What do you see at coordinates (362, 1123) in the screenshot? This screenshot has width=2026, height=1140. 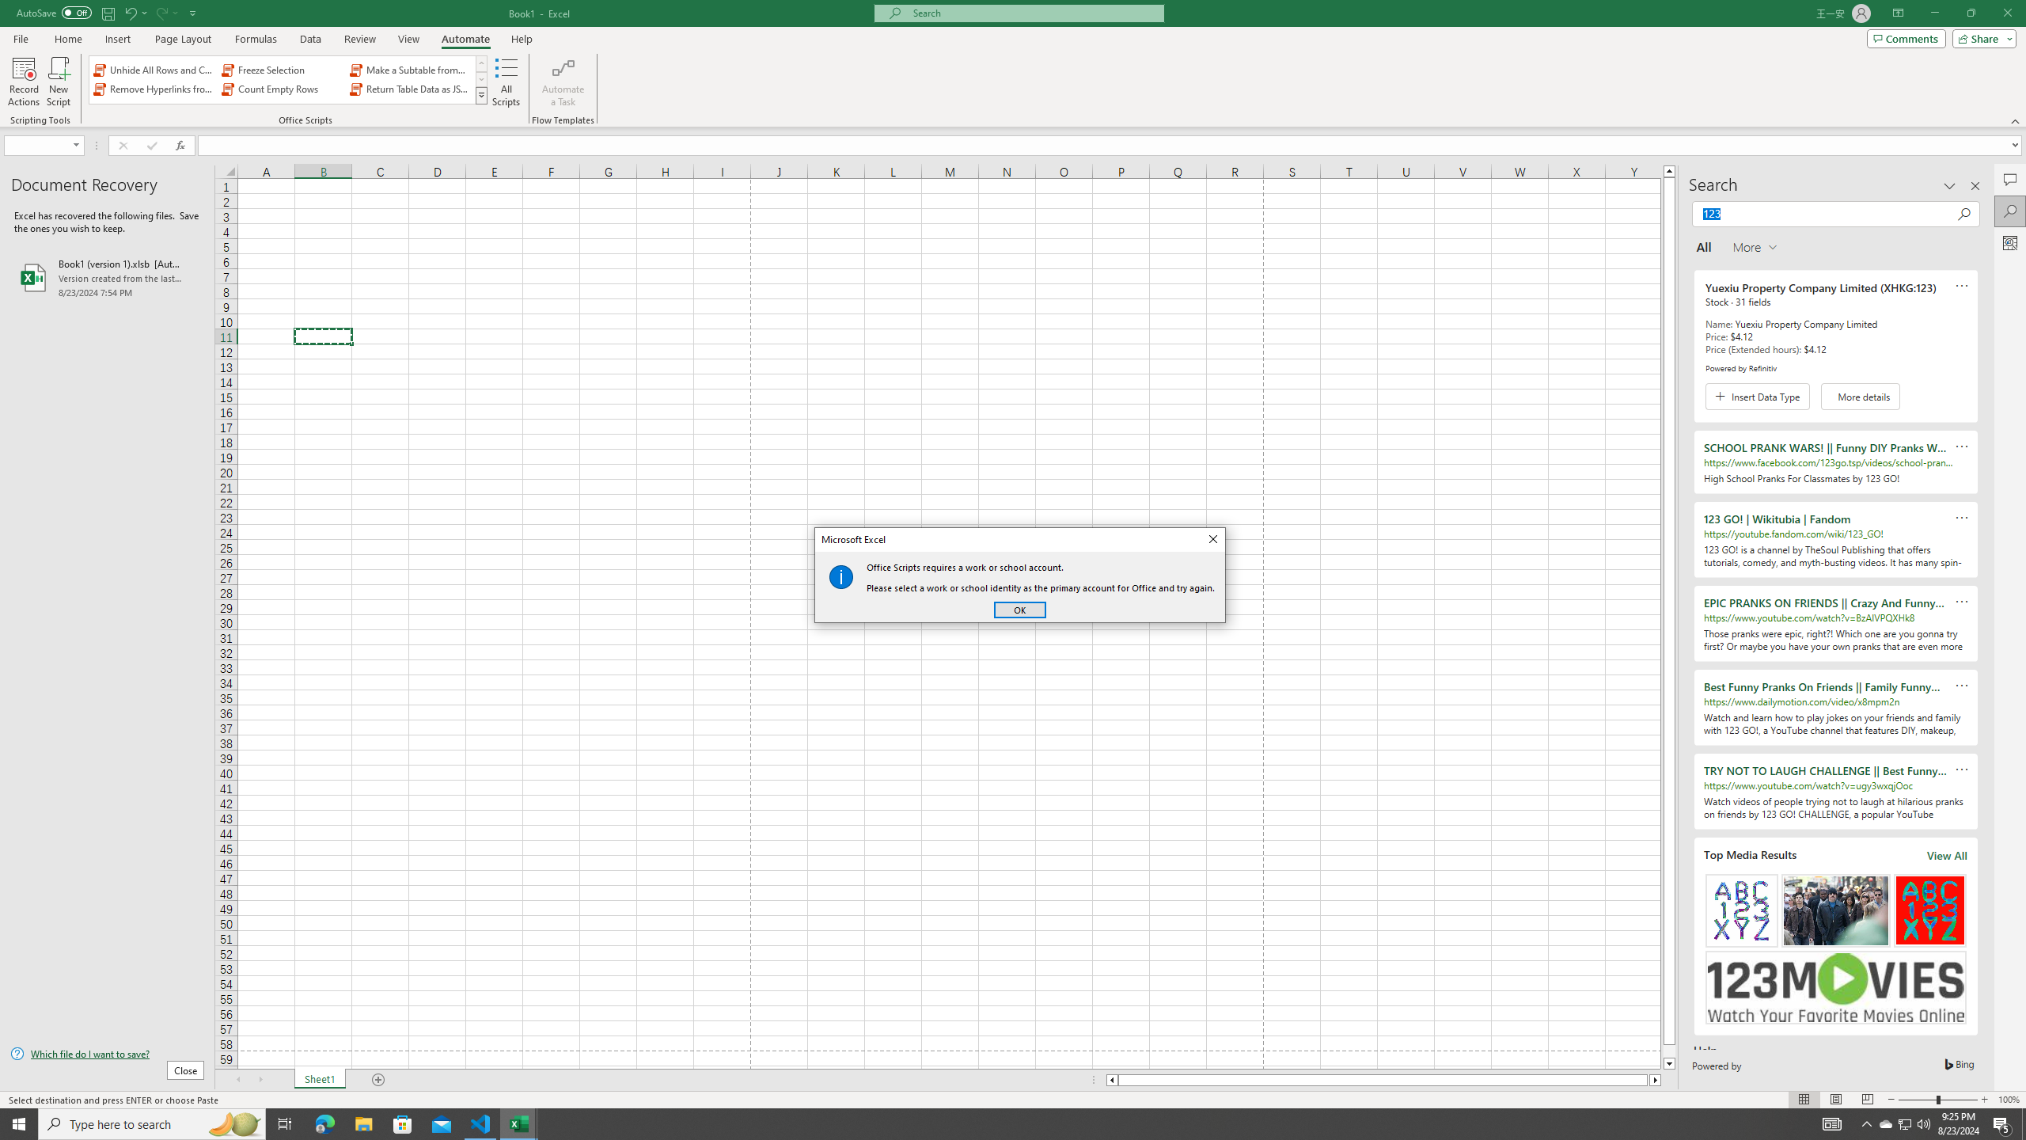 I see `'File Explorer'` at bounding box center [362, 1123].